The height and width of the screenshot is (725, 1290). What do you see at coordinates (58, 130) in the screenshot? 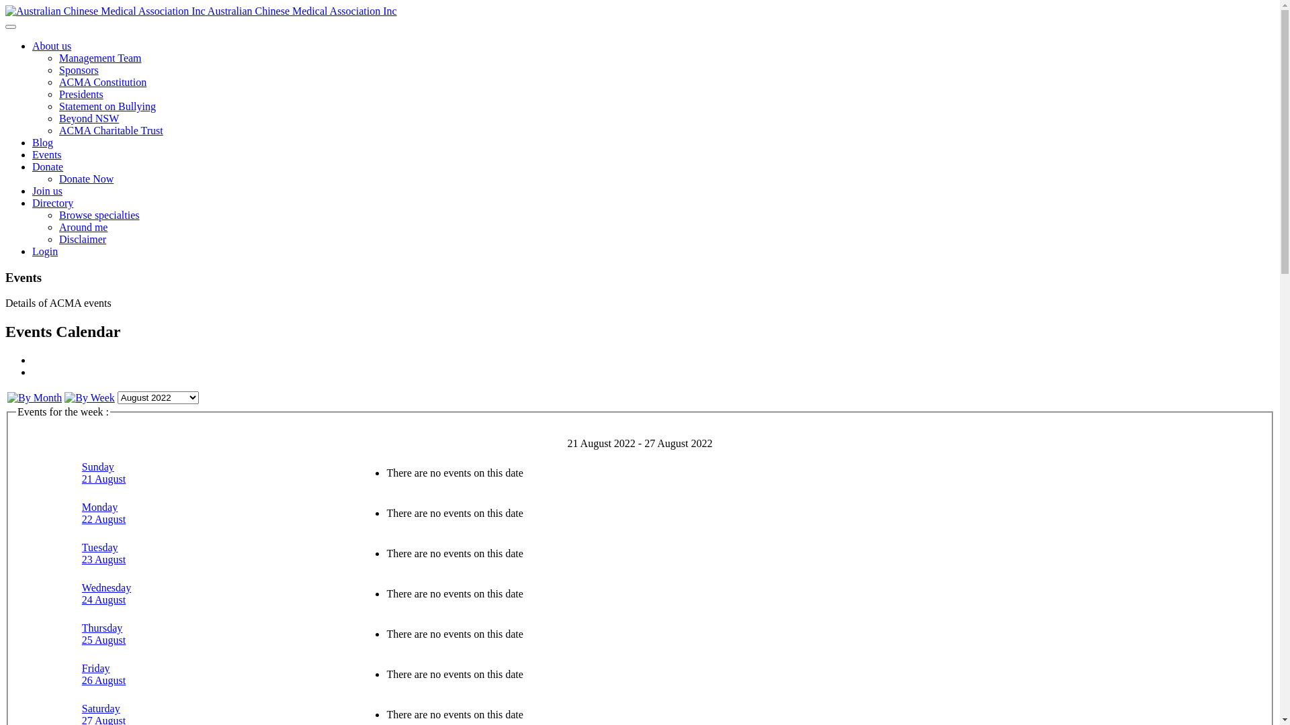
I see `'ACMA Charitable Trust'` at bounding box center [58, 130].